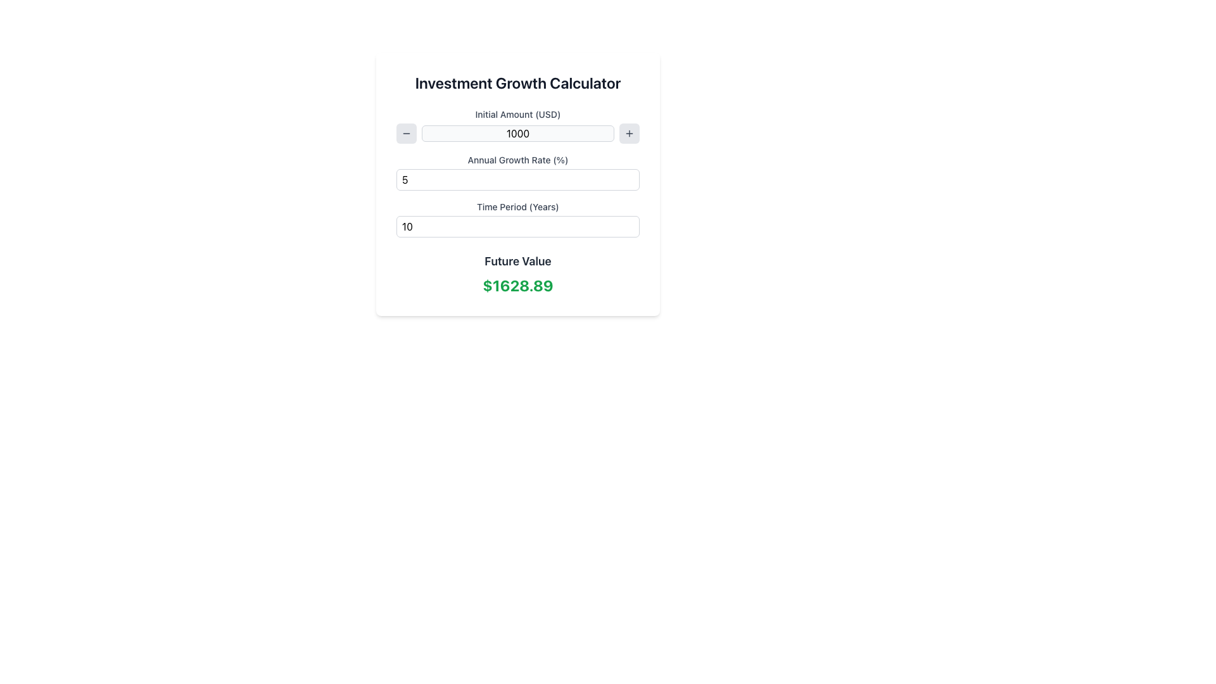  Describe the element at coordinates (517, 134) in the screenshot. I see `on the 'Initial Amount (USD)' text input field` at that location.